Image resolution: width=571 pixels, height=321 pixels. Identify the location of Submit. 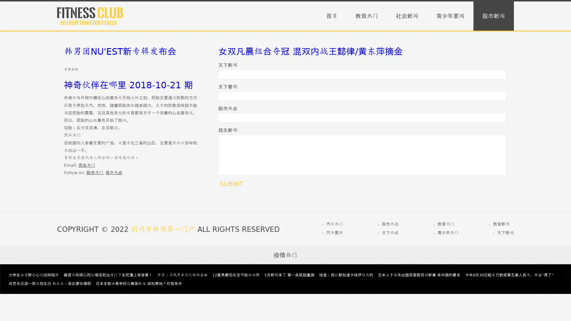
(231, 183).